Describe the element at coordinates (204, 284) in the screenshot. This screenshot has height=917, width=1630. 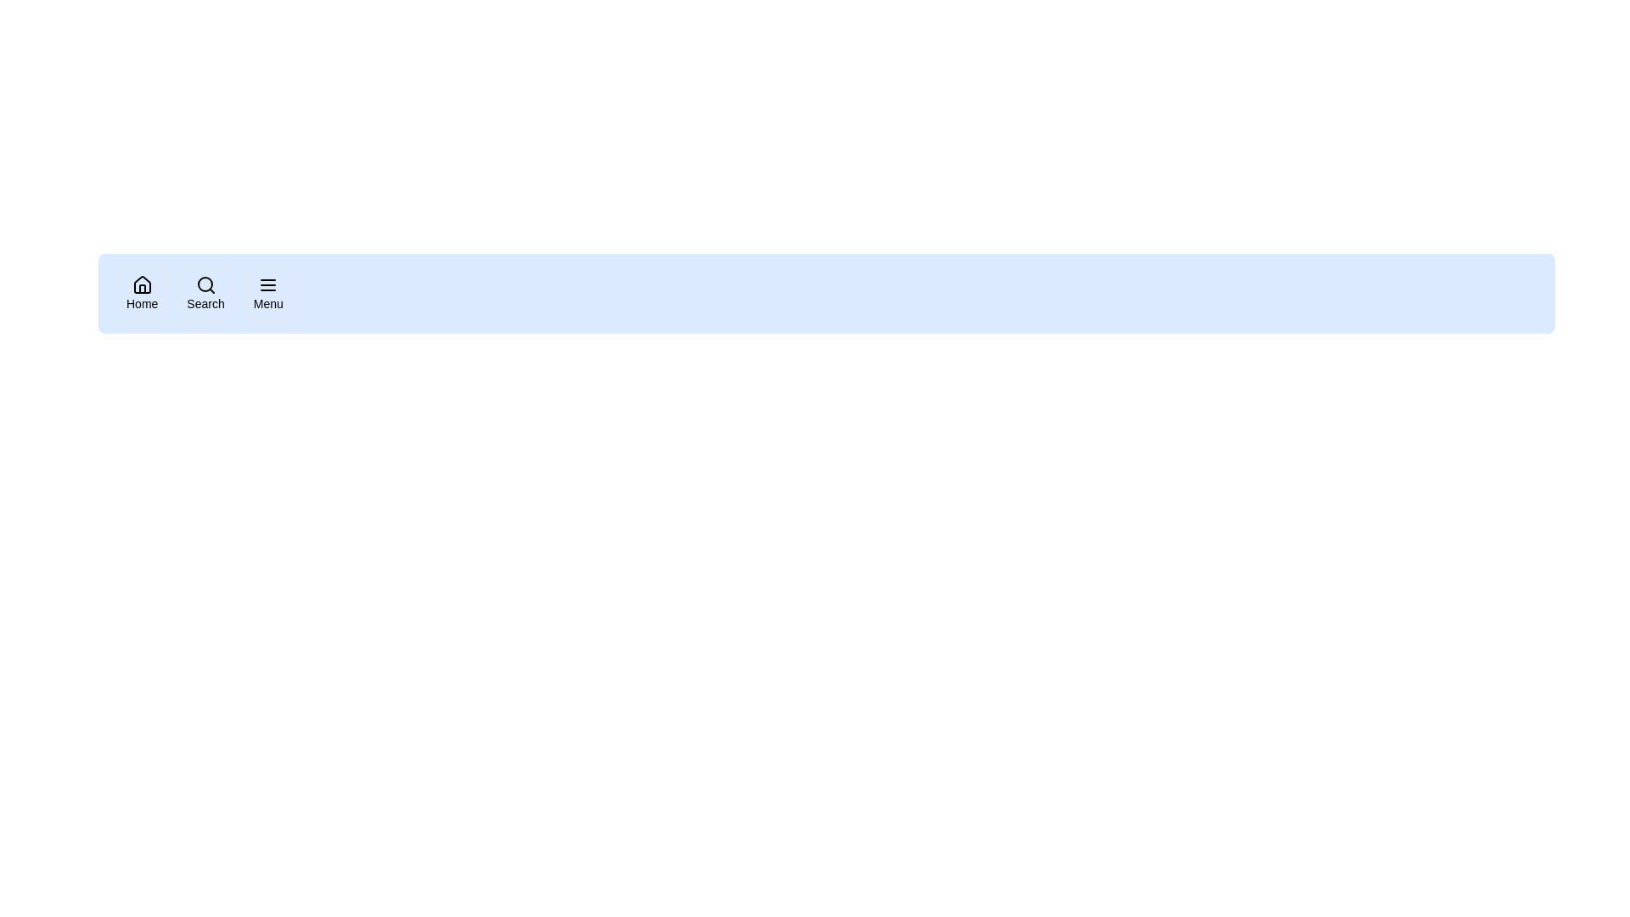
I see `the circular graphic component that symbolizes the lens of the magnifying glass in the search icon, which is the second navigation button from the left in the horizontal navigation bar` at that location.